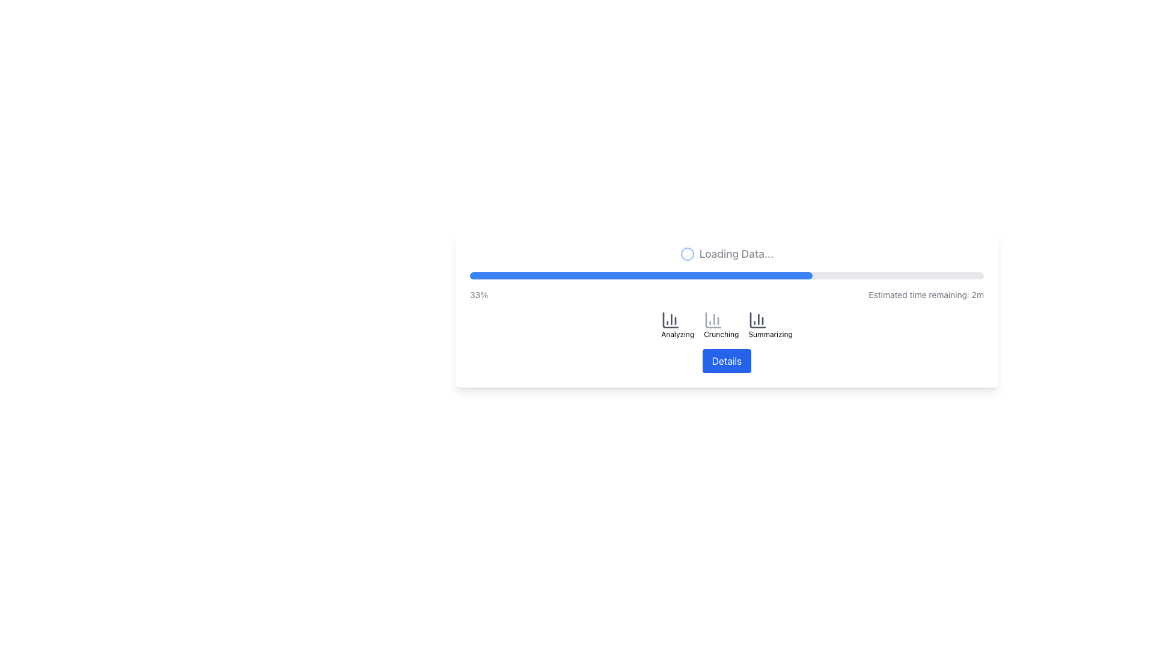  I want to click on the status indicator that visually represents the ongoing tasks, located centrally in a white panel beneath a progress bar, positioned between 'Analyzing' and 'Summarizing', so click(726, 324).